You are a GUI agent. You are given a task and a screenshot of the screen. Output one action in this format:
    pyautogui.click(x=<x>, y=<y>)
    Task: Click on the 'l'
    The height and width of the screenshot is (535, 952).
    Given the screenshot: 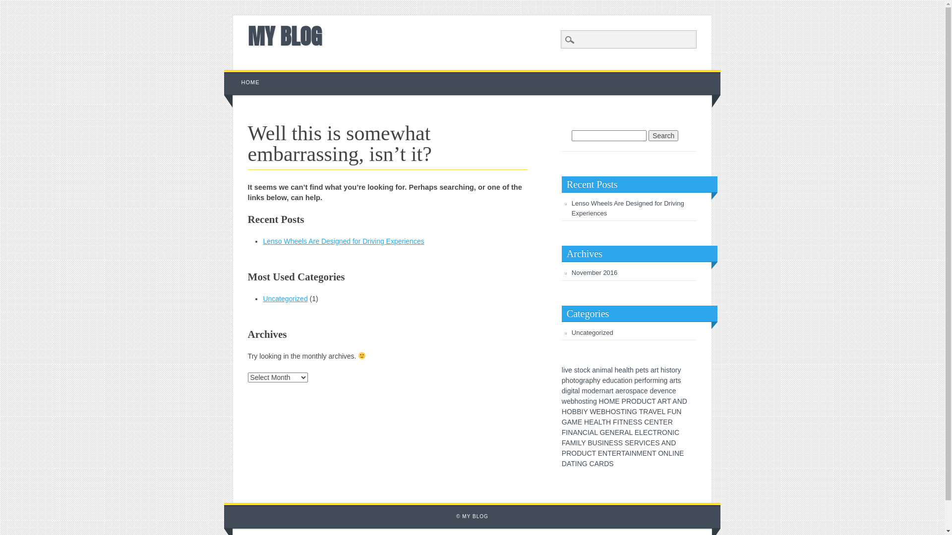 What is the action you would take?
    pyautogui.click(x=611, y=370)
    